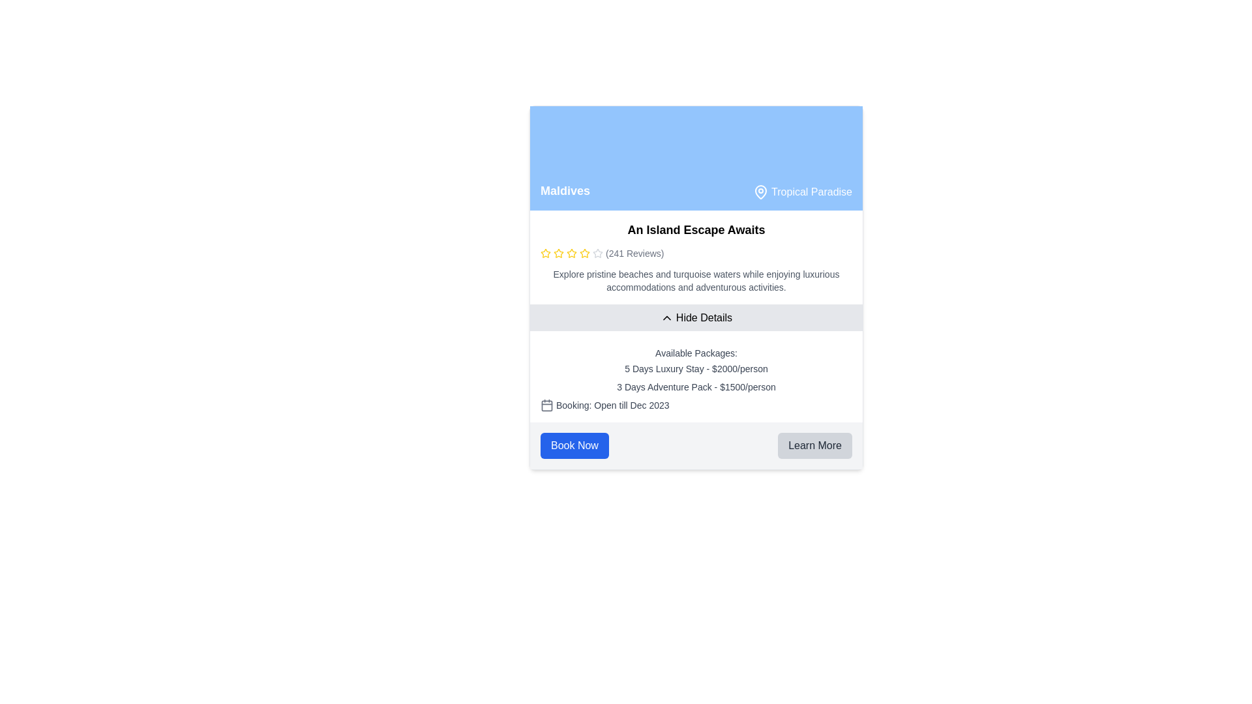 The width and height of the screenshot is (1252, 704). What do you see at coordinates (597, 254) in the screenshot?
I see `the inactive sixth star icon in the rating scale, which is positioned to the left of the '(241 Reviews)' text` at bounding box center [597, 254].